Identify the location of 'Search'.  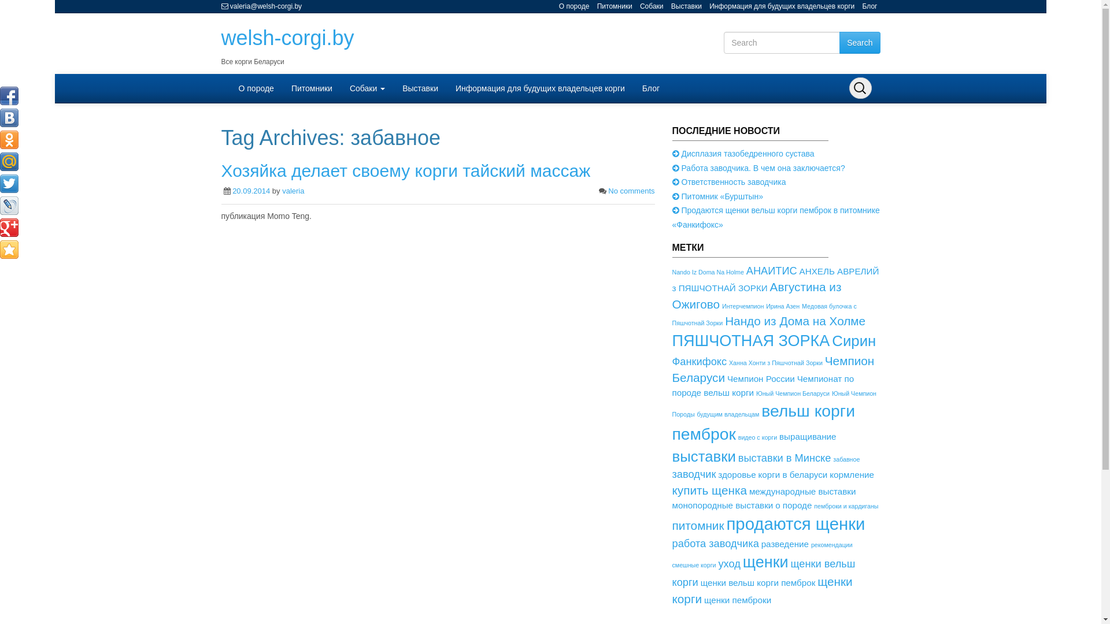
(860, 42).